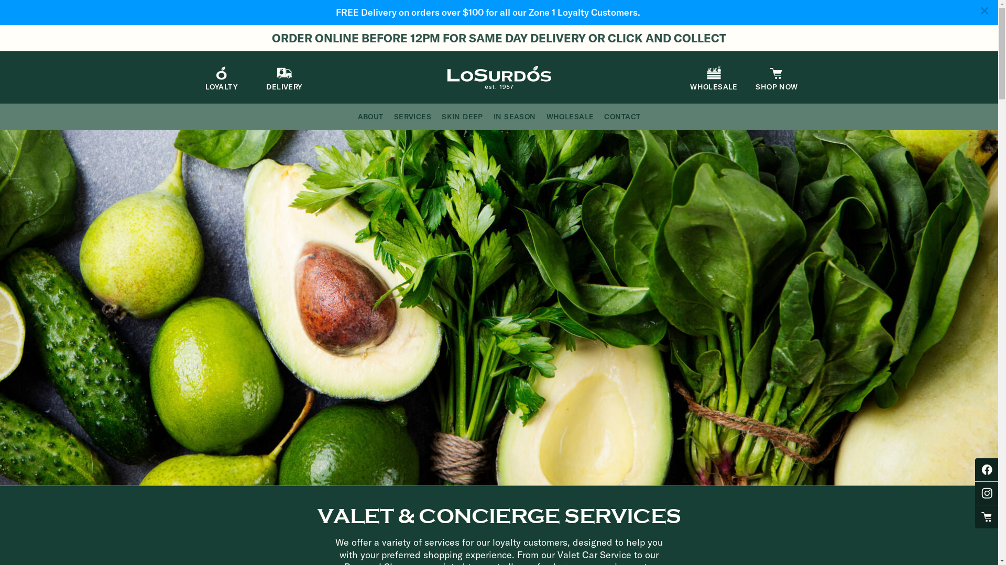 Image resolution: width=1006 pixels, height=565 pixels. Describe the element at coordinates (284, 78) in the screenshot. I see `'DELIVERY'` at that location.